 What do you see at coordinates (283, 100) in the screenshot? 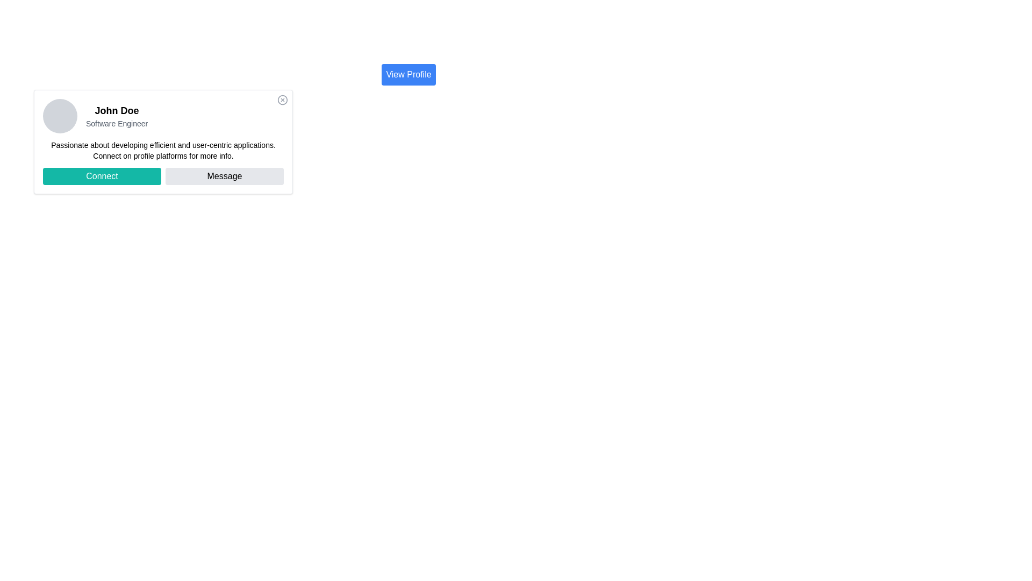
I see `the circular button with an 'X' icon at the top-right corner of the user information card to observe the color change effect` at bounding box center [283, 100].